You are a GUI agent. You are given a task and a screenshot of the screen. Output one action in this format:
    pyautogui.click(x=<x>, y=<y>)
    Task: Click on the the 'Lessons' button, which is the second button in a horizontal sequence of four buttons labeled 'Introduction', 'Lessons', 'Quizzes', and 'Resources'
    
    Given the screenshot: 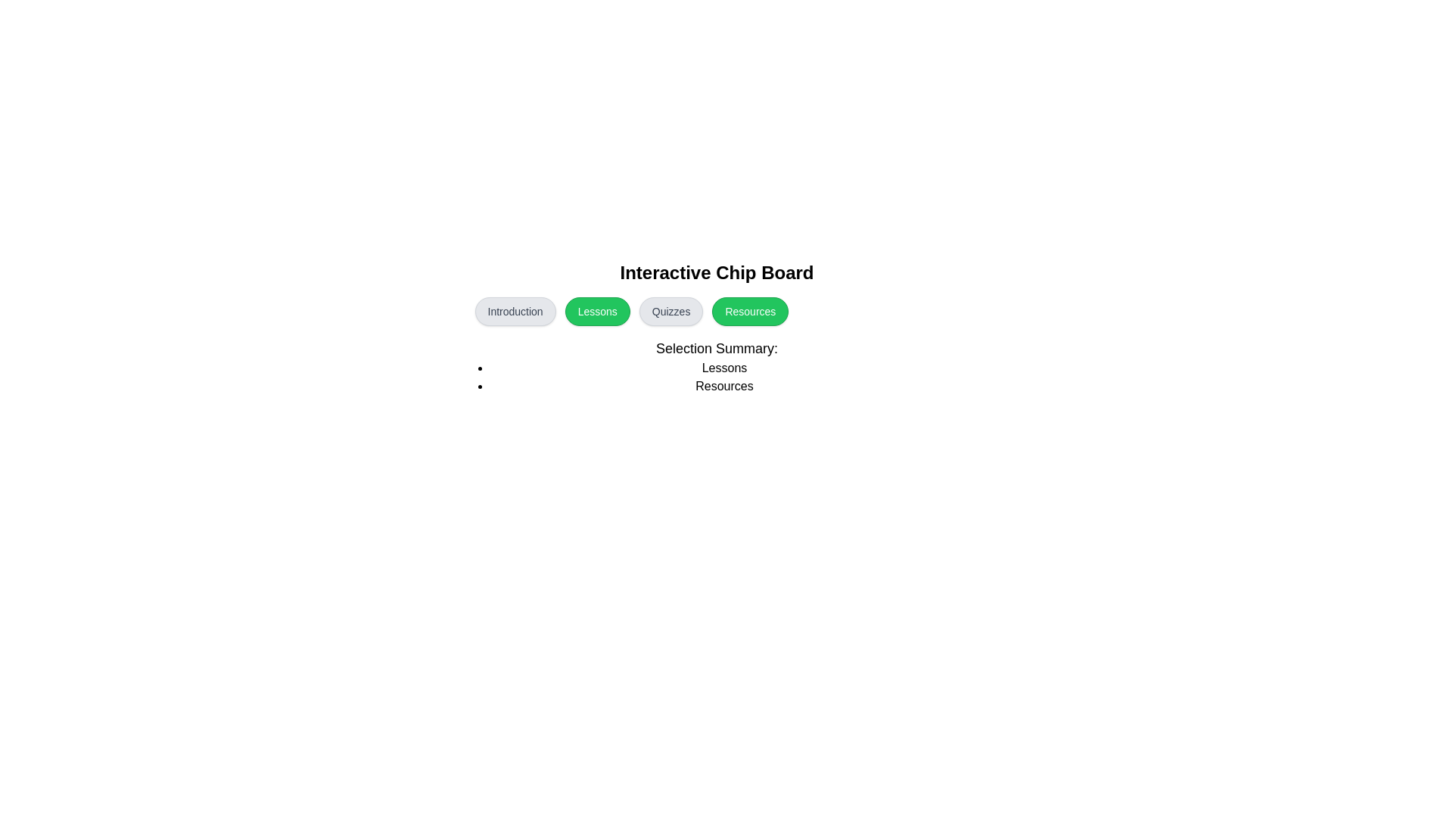 What is the action you would take?
    pyautogui.click(x=596, y=311)
    